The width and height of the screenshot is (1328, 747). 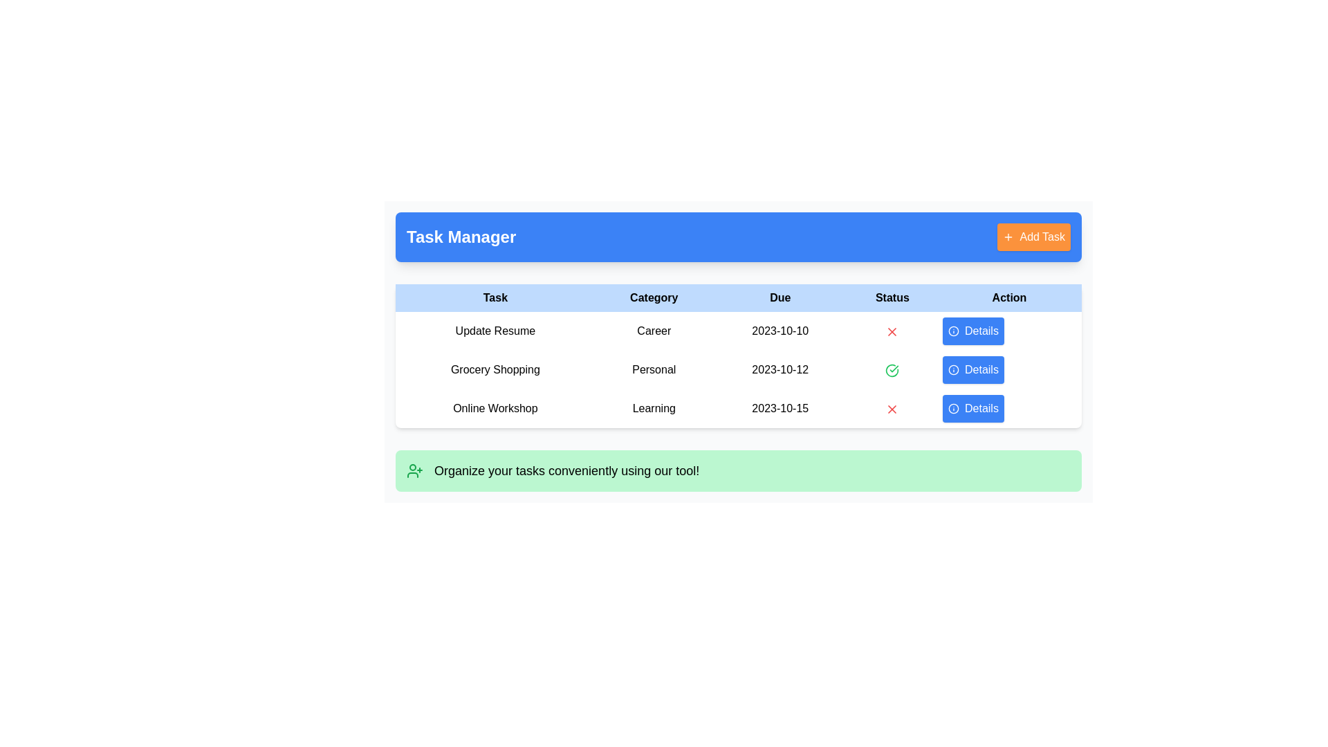 What do you see at coordinates (1009, 407) in the screenshot?
I see `the action button in the 'Task Manager' table that reveals a tooltip for the 'Online Workshop' task, located in the third row under the 'Action' column` at bounding box center [1009, 407].